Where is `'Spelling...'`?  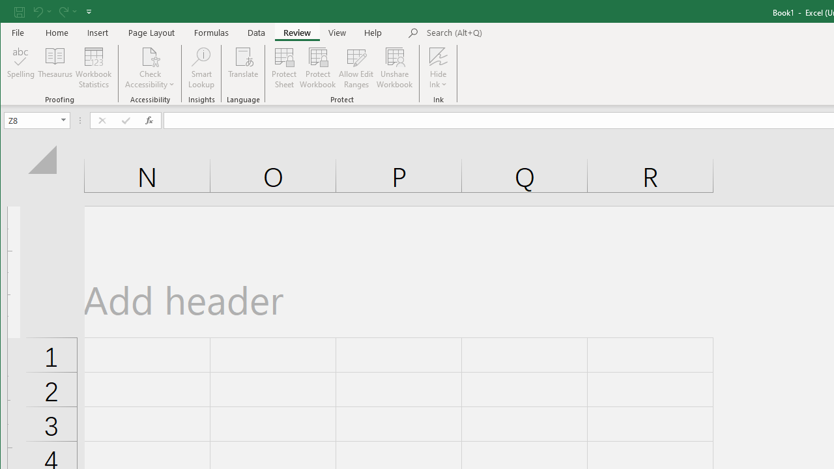 'Spelling...' is located at coordinates (21, 68).